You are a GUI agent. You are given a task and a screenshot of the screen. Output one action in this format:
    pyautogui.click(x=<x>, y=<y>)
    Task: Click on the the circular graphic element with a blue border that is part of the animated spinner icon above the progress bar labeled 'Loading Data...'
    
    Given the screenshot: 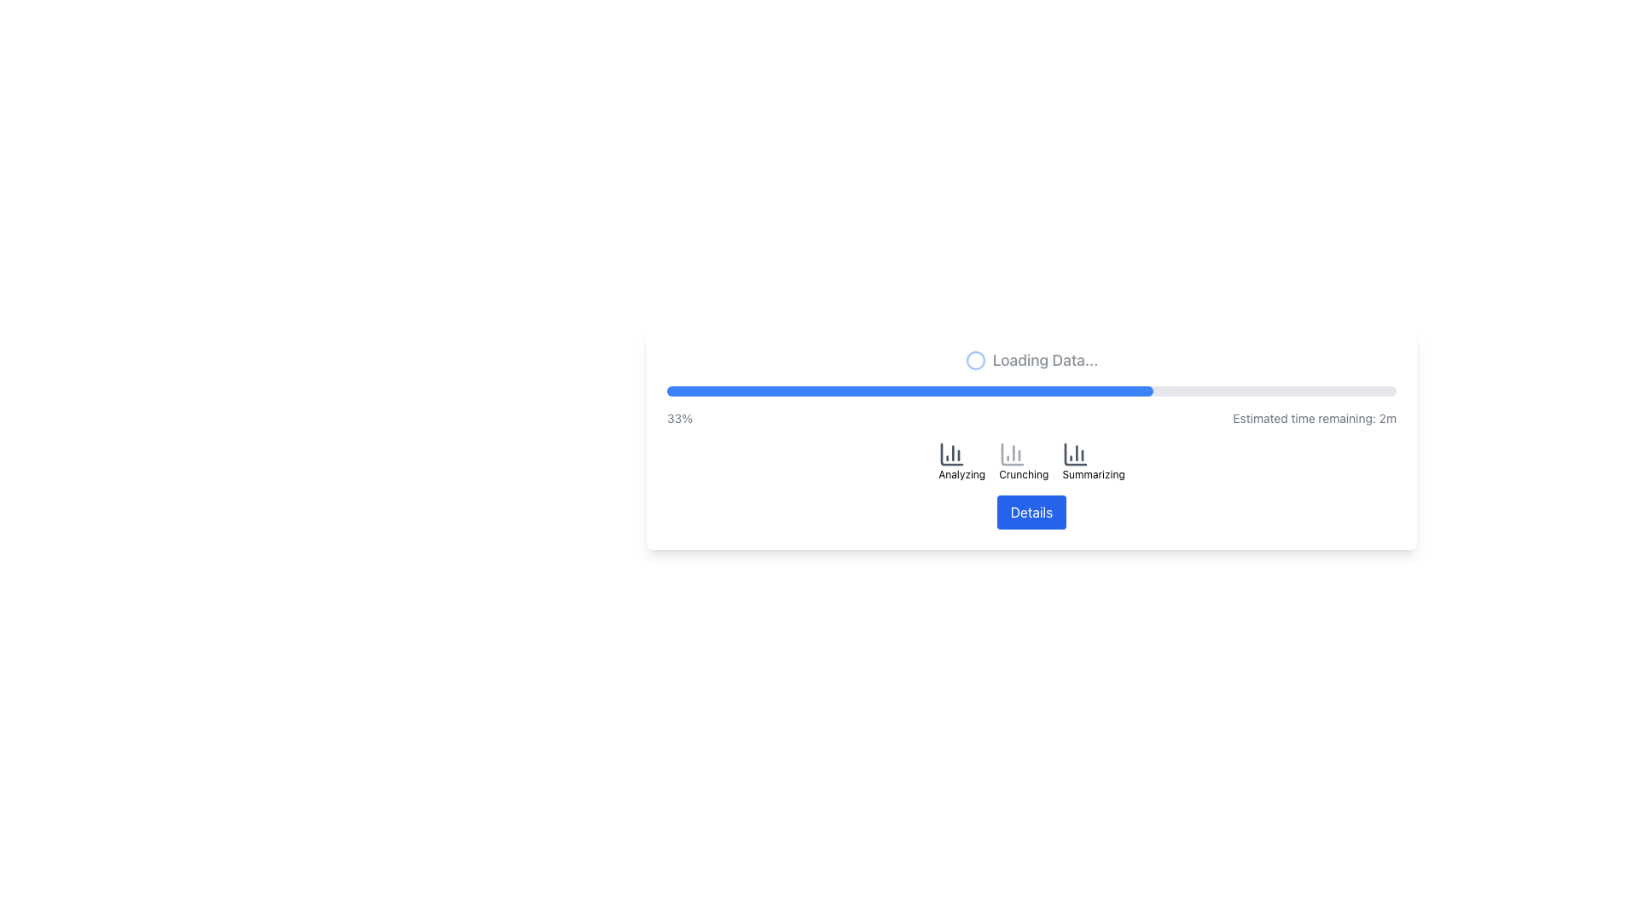 What is the action you would take?
    pyautogui.click(x=975, y=360)
    